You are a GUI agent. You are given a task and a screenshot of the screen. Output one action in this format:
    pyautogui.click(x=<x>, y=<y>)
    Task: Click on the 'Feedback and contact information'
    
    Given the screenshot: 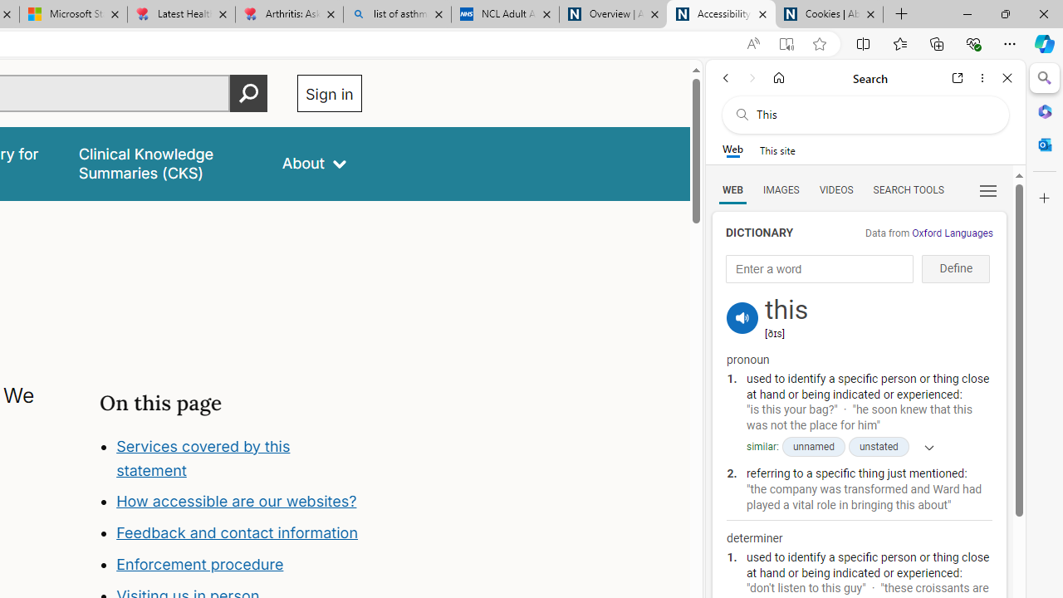 What is the action you would take?
    pyautogui.click(x=237, y=532)
    